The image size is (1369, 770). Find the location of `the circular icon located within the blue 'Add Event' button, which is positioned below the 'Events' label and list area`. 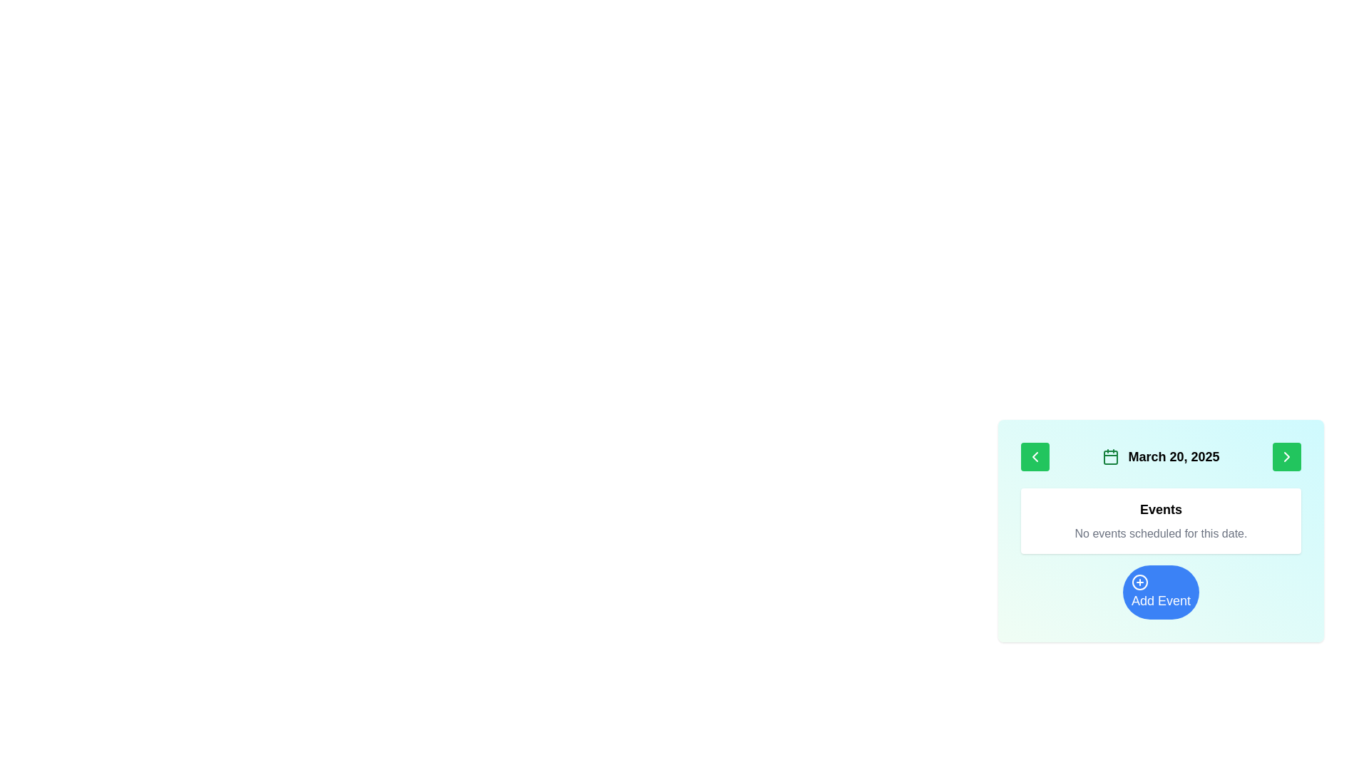

the circular icon located within the blue 'Add Event' button, which is positioned below the 'Events' label and list area is located at coordinates (1139, 582).